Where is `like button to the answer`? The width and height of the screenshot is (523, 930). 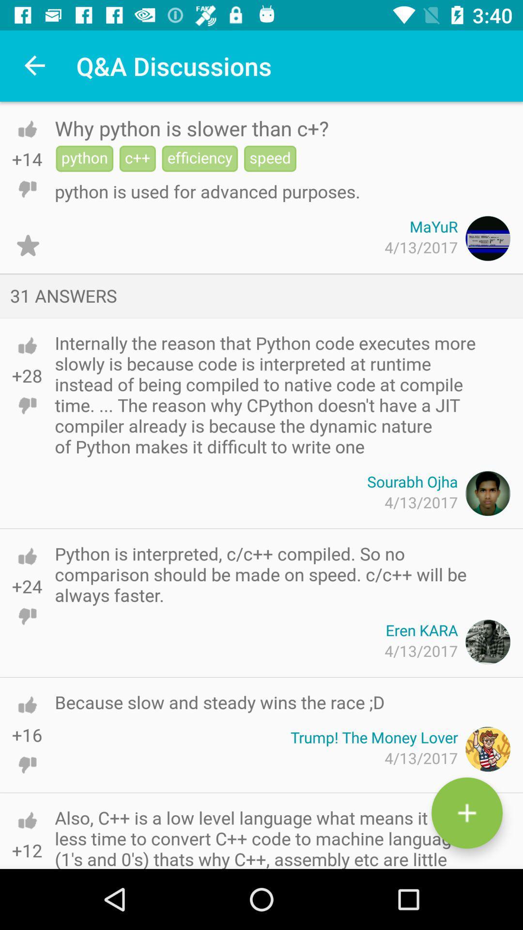
like button to the answer is located at coordinates (27, 556).